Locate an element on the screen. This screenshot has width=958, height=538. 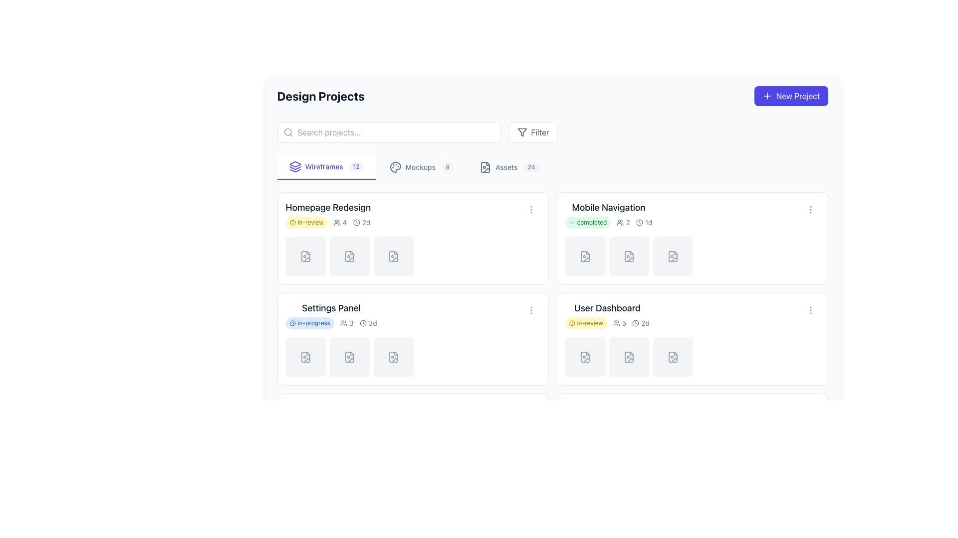
time information displayed in the text label with an icon that shows '2 days' located at the bottom-right of the User Dashboard card, next to the user count indicator is located at coordinates (641, 323).